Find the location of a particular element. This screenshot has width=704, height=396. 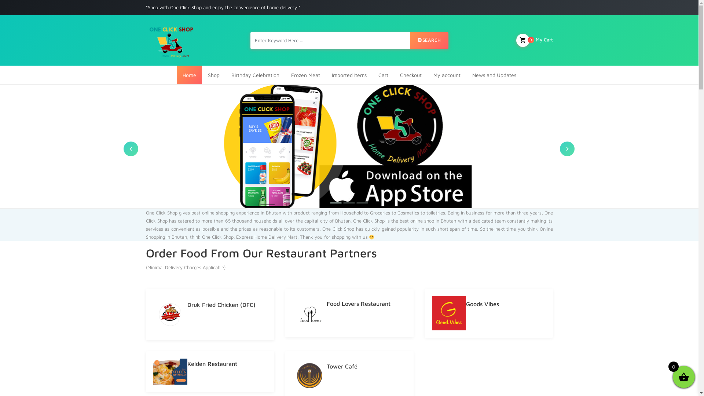

'Birthday Celebration' is located at coordinates (255, 75).